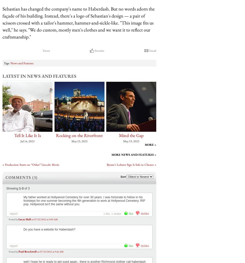  What do you see at coordinates (79, 141) in the screenshot?
I see `'May 23, 2023'` at bounding box center [79, 141].